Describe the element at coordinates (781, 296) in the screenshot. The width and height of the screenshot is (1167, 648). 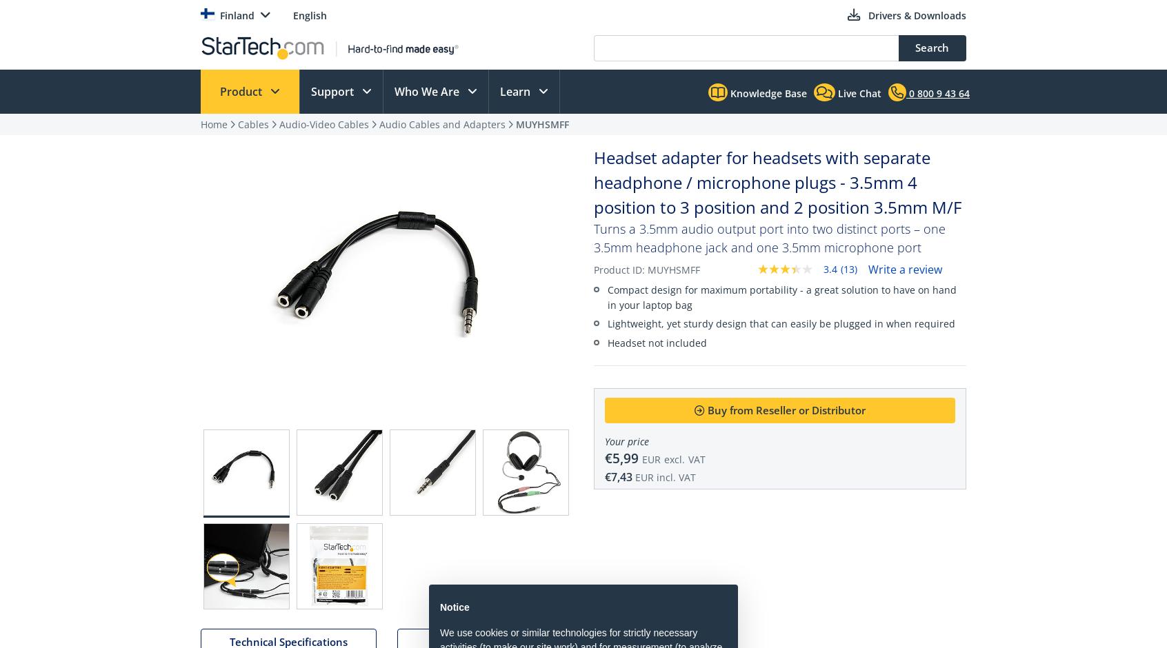
I see `'Compact design for maximum portability - a great solution to have on hand in your laptop bag'` at that location.